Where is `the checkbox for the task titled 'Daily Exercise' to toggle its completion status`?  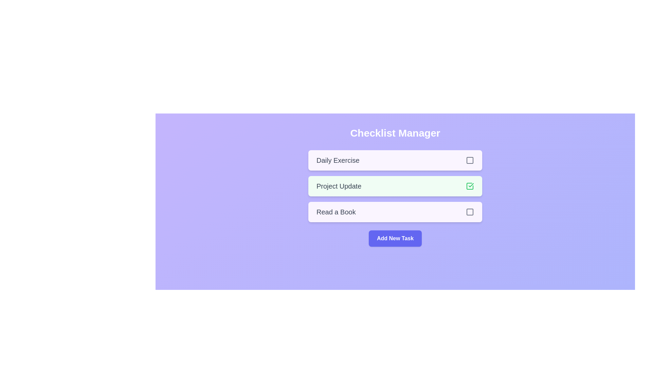 the checkbox for the task titled 'Daily Exercise' to toggle its completion status is located at coordinates (469, 160).